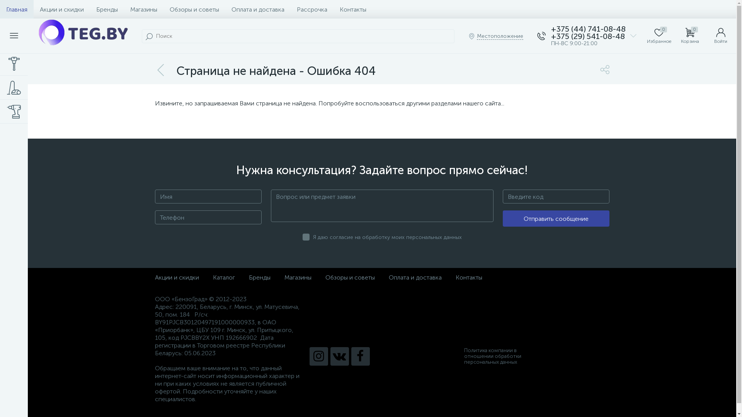 This screenshot has width=742, height=417. I want to click on 'Instagram', so click(309, 356).